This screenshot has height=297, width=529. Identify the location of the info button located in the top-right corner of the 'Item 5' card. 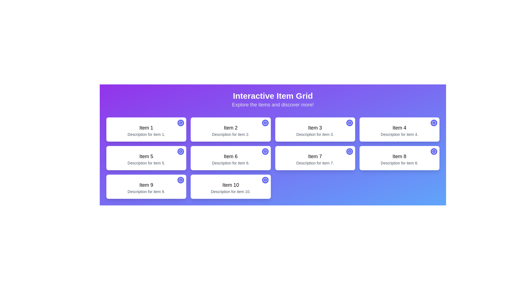
(181, 152).